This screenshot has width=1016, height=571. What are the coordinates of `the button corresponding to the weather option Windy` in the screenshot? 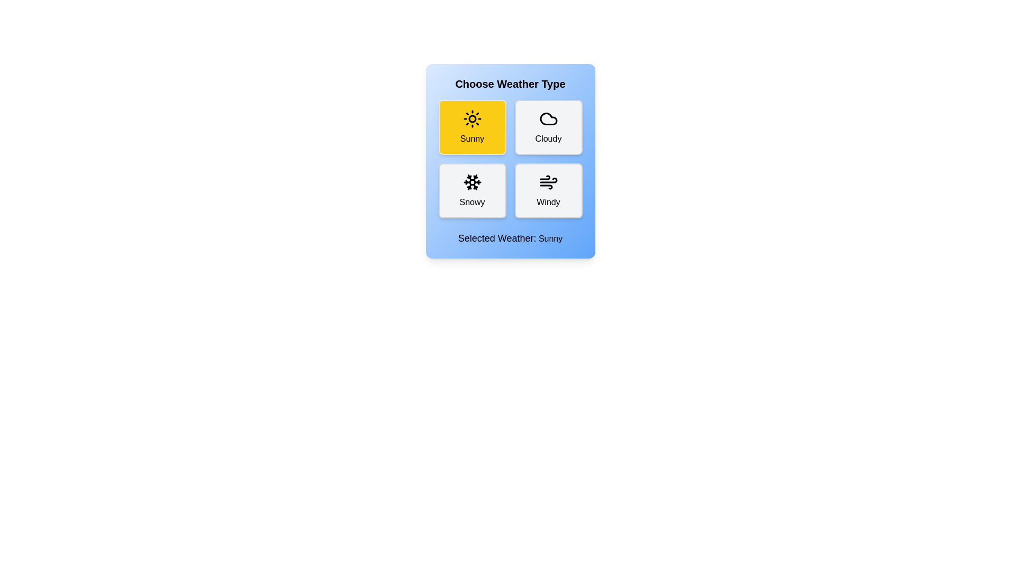 It's located at (548, 191).